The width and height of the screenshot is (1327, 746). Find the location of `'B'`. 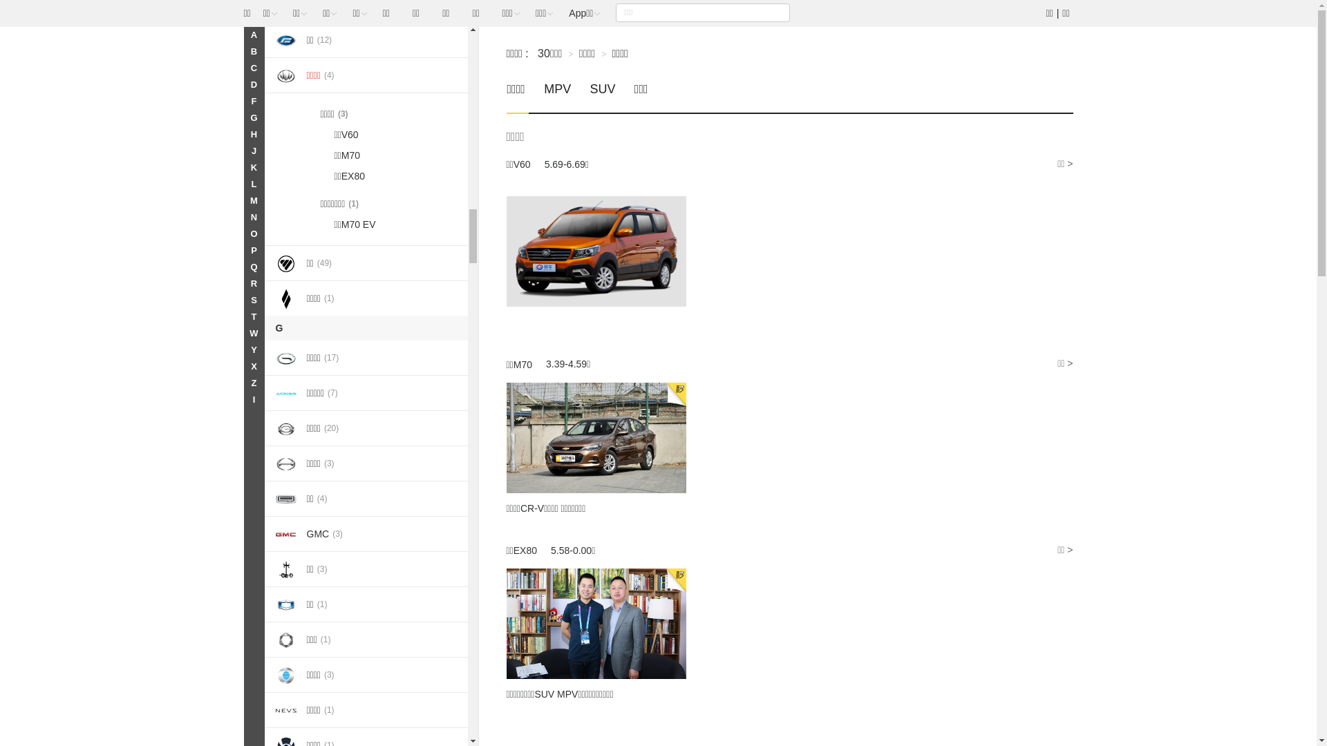

'B' is located at coordinates (253, 50).